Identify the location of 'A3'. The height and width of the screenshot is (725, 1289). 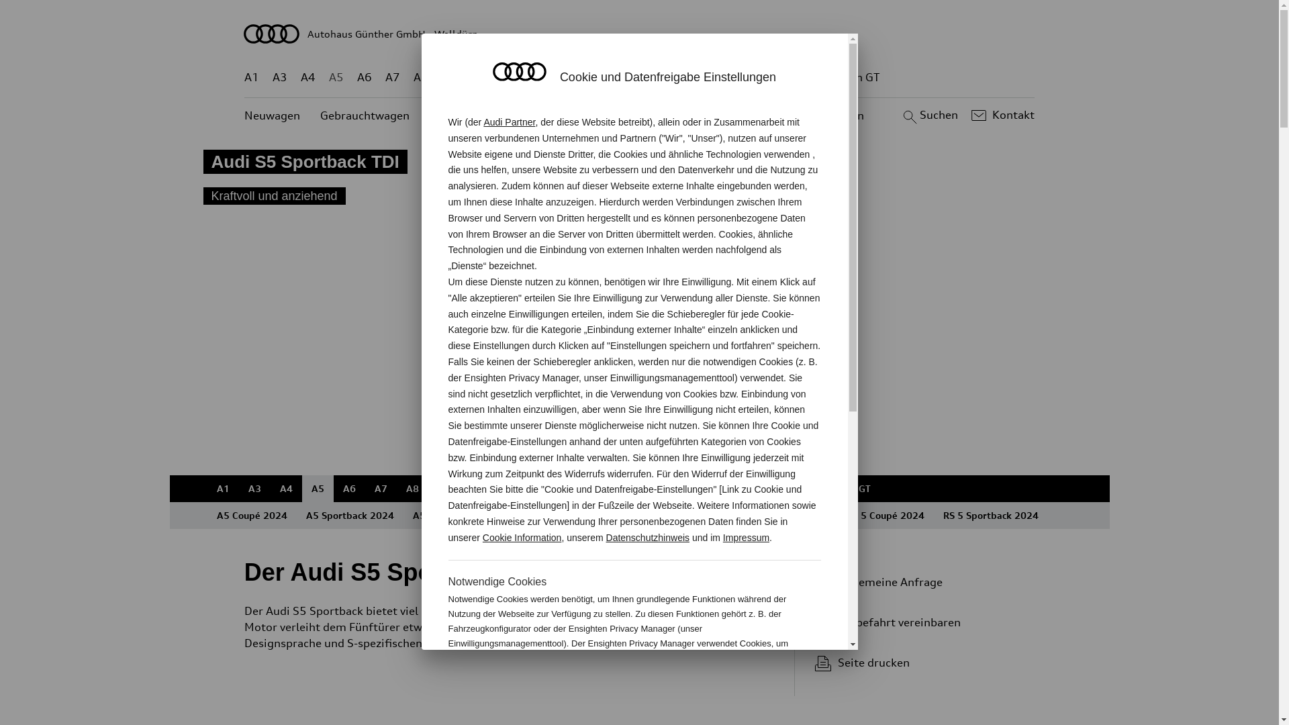
(254, 489).